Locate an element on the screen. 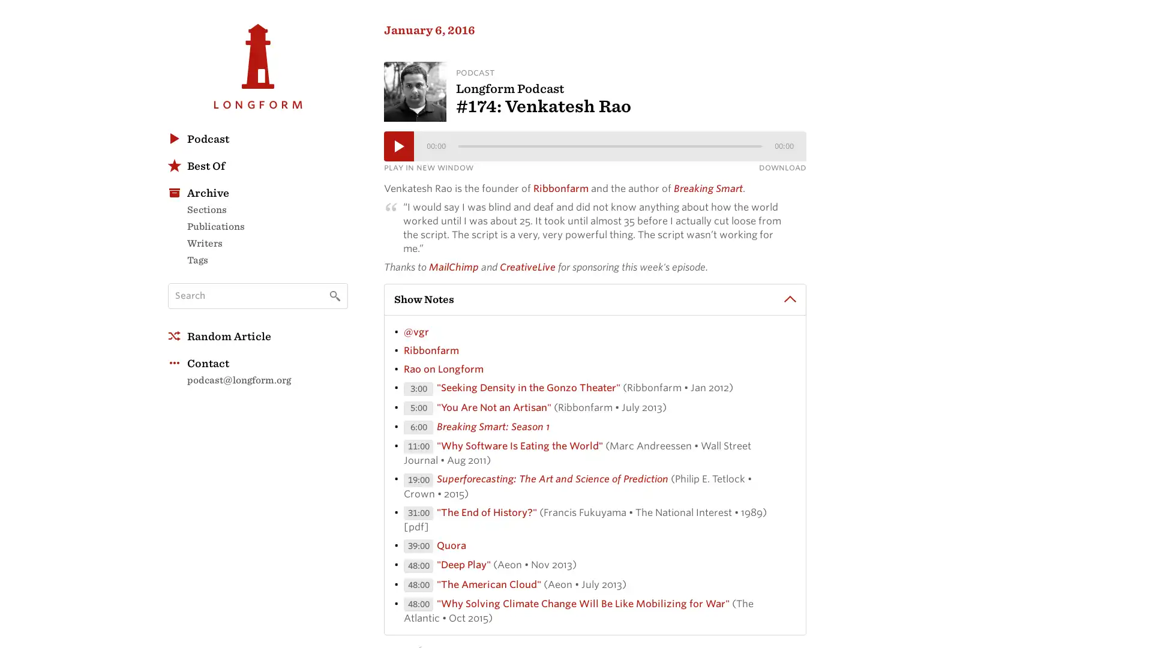 This screenshot has width=1152, height=648. 5:00 is located at coordinates (418, 410).